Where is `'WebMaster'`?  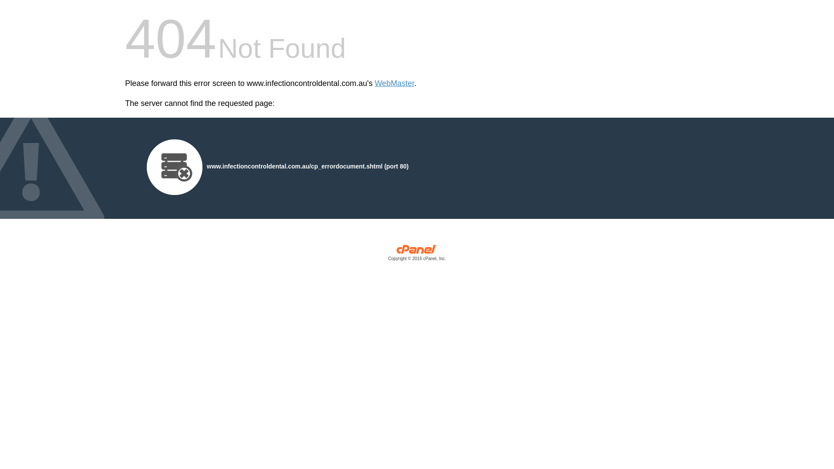 'WebMaster' is located at coordinates (375, 83).